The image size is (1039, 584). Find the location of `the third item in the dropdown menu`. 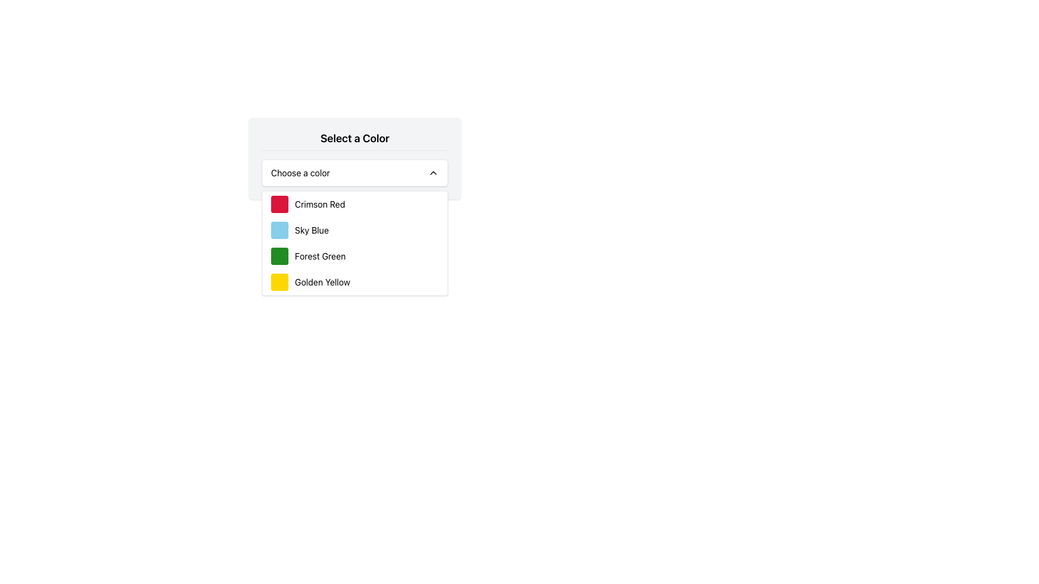

the third item in the dropdown menu is located at coordinates (355, 256).